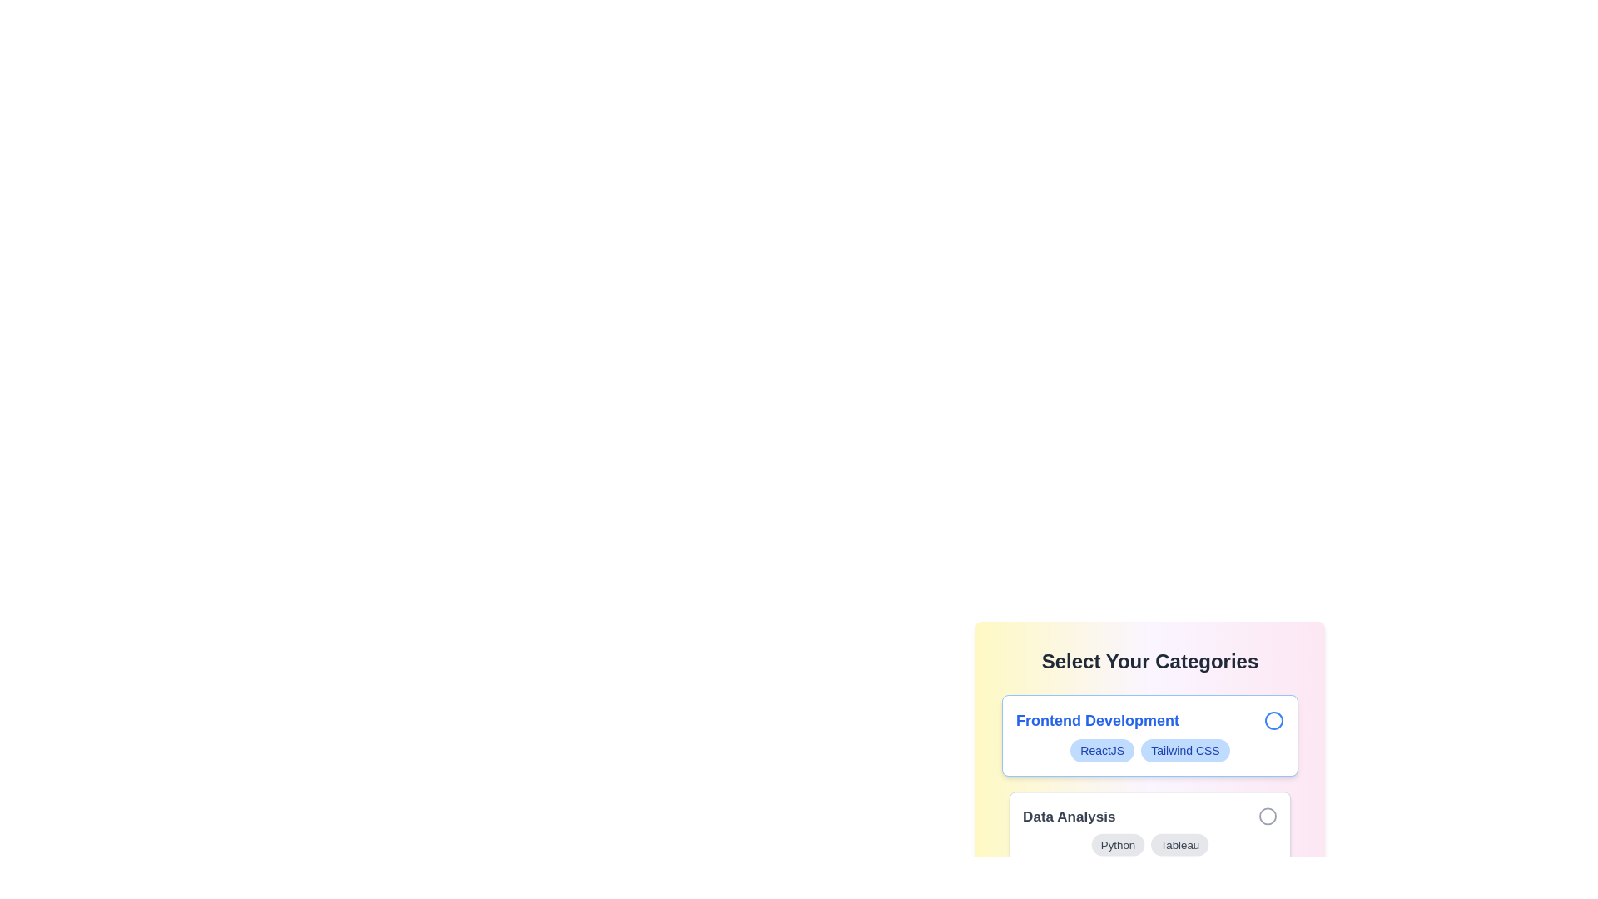  I want to click on the chip labeled 'Frontend Development' to inspect its associated tags, so click(1149, 734).